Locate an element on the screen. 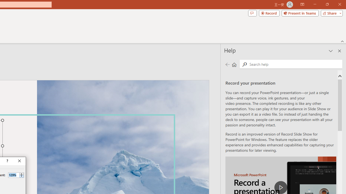  'Previous page' is located at coordinates (227, 64).